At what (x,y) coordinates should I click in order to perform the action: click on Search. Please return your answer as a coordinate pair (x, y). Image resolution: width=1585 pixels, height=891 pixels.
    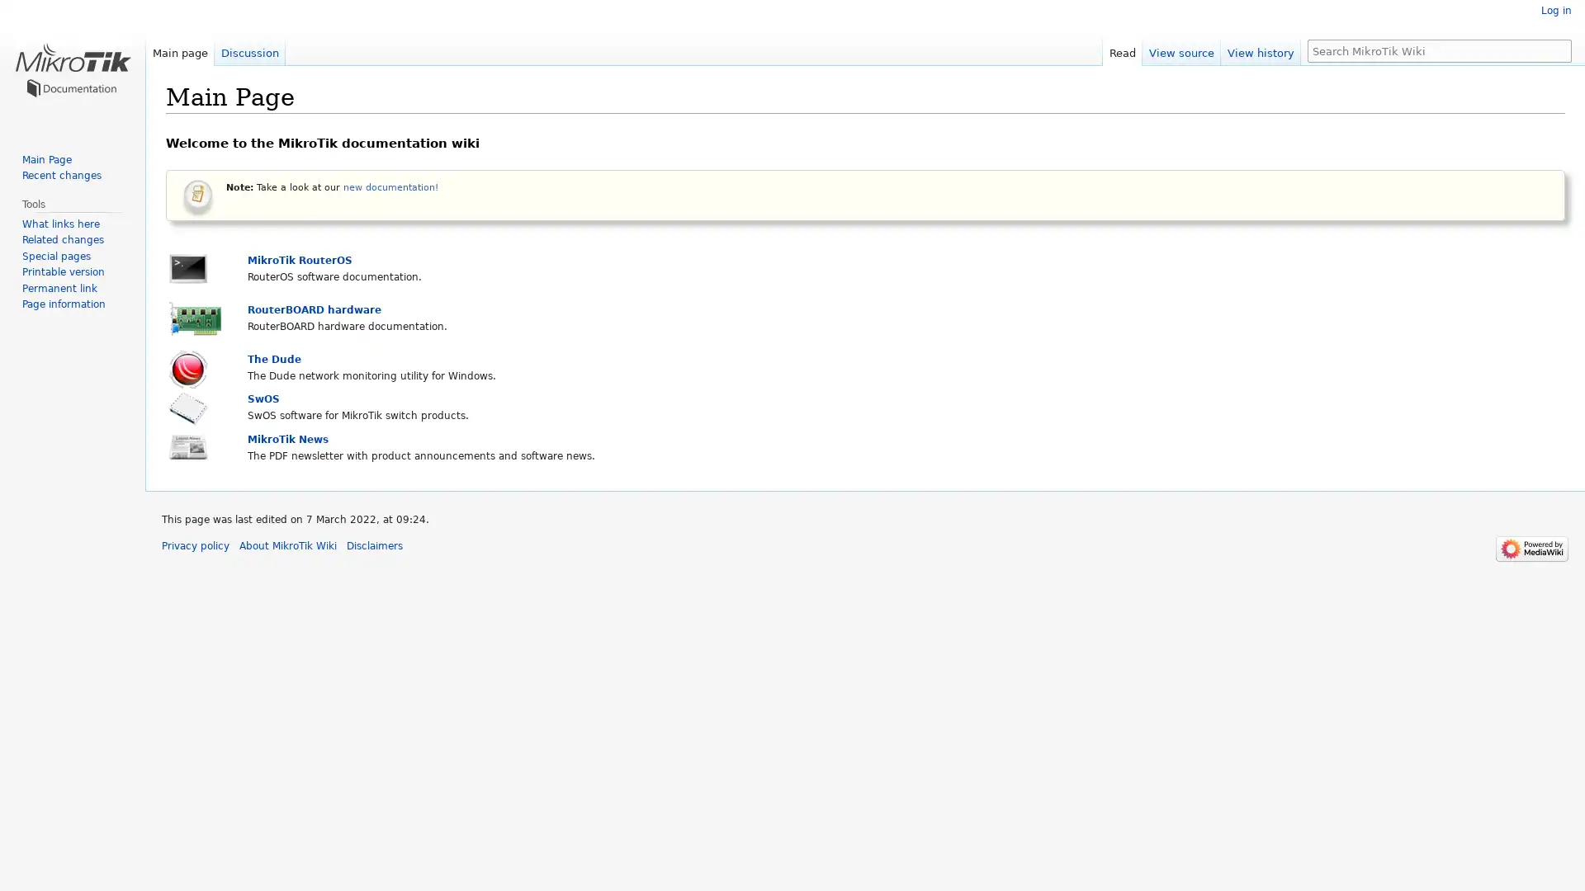
    Looking at the image, I should click on (1559, 49).